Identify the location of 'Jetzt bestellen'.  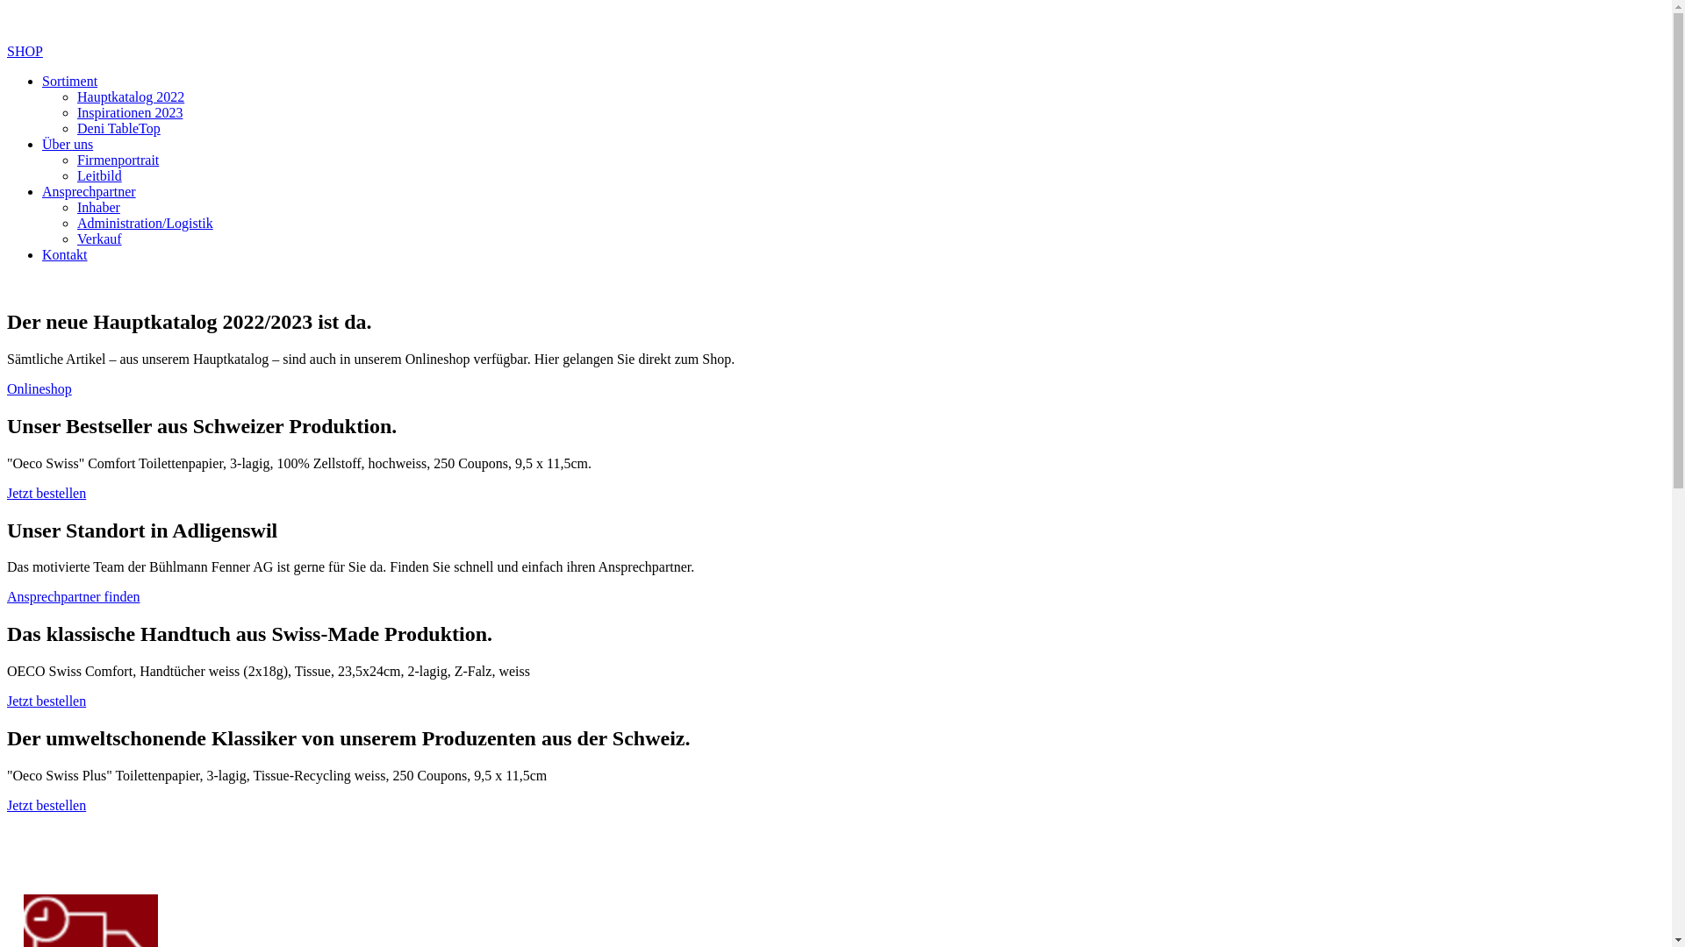
(46, 493).